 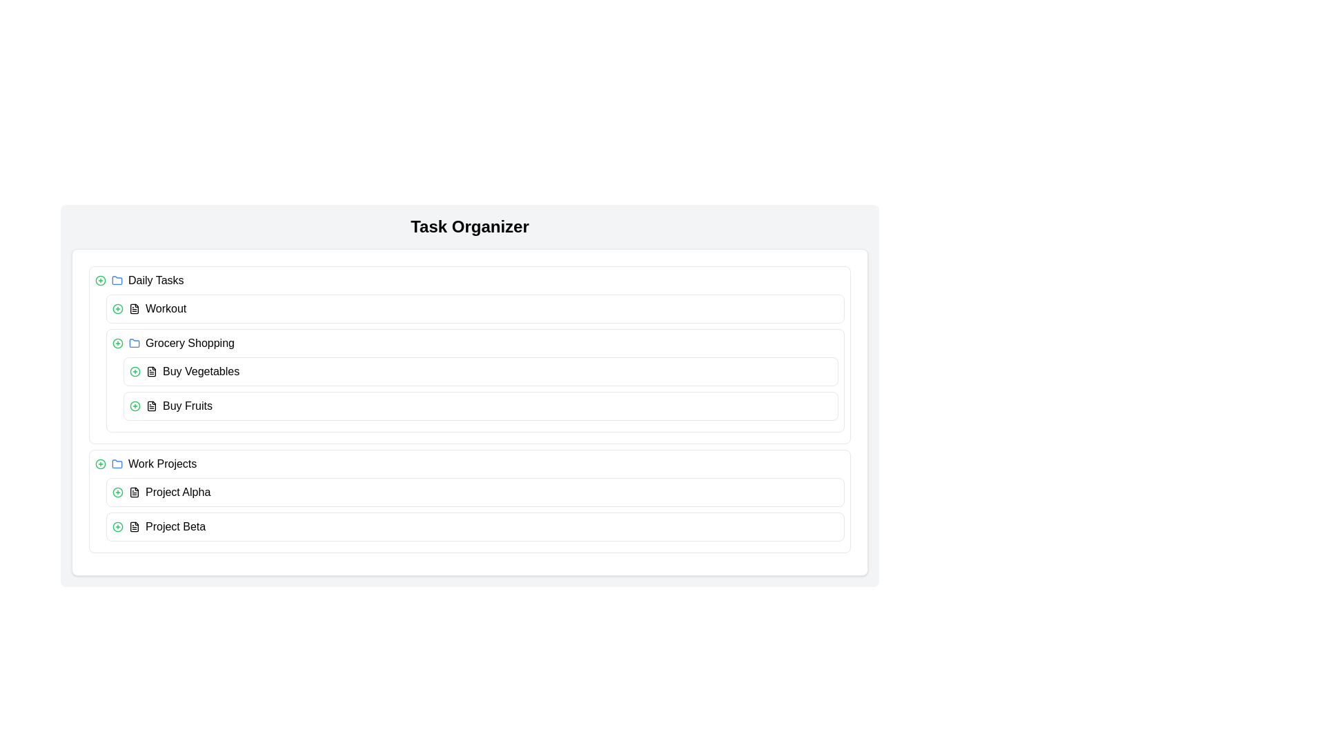 What do you see at coordinates (135, 526) in the screenshot?
I see `the text file icon in the 'Work Projects' section, specifically the second icon from the left in the 'Project Beta' row` at bounding box center [135, 526].